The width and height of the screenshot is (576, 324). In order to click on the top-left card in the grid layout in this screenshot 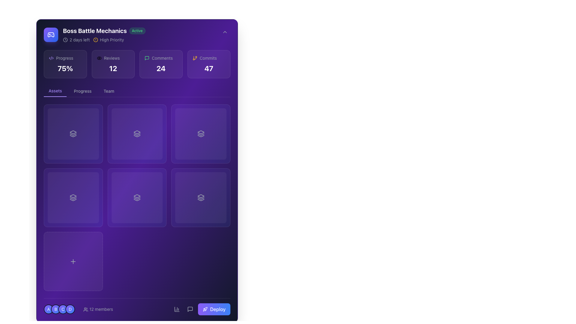, I will do `click(73, 133)`.